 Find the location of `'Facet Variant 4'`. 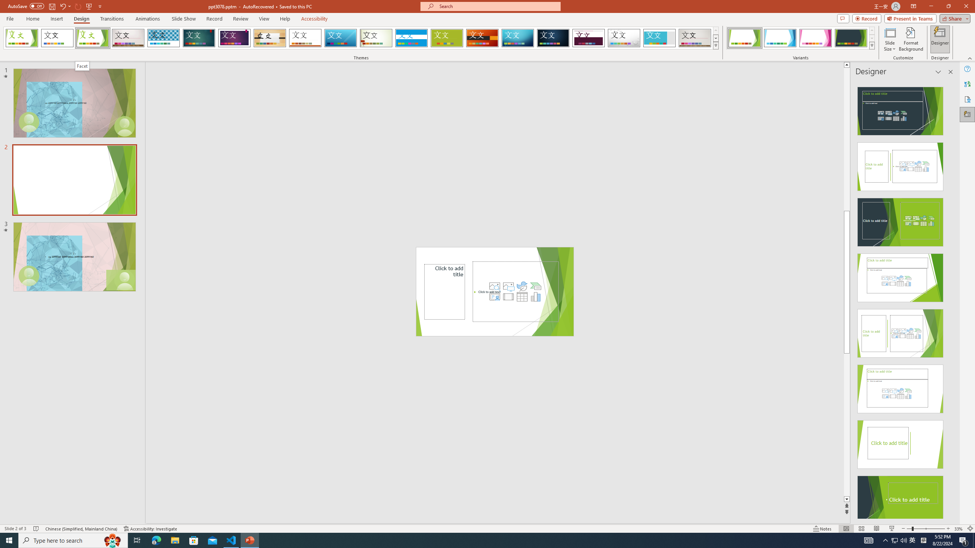

'Facet Variant 4' is located at coordinates (850, 38).